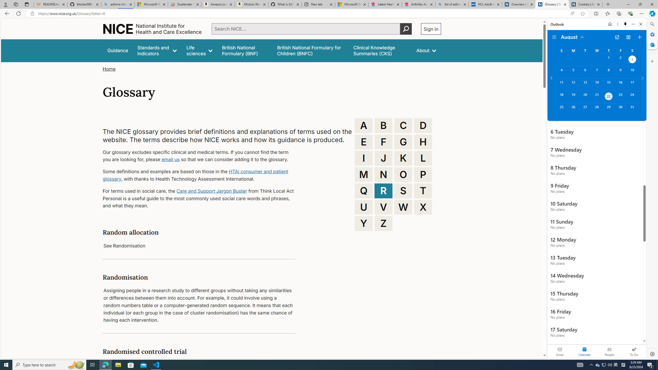 Image resolution: width=658 pixels, height=370 pixels. I want to click on 'People', so click(609, 351).